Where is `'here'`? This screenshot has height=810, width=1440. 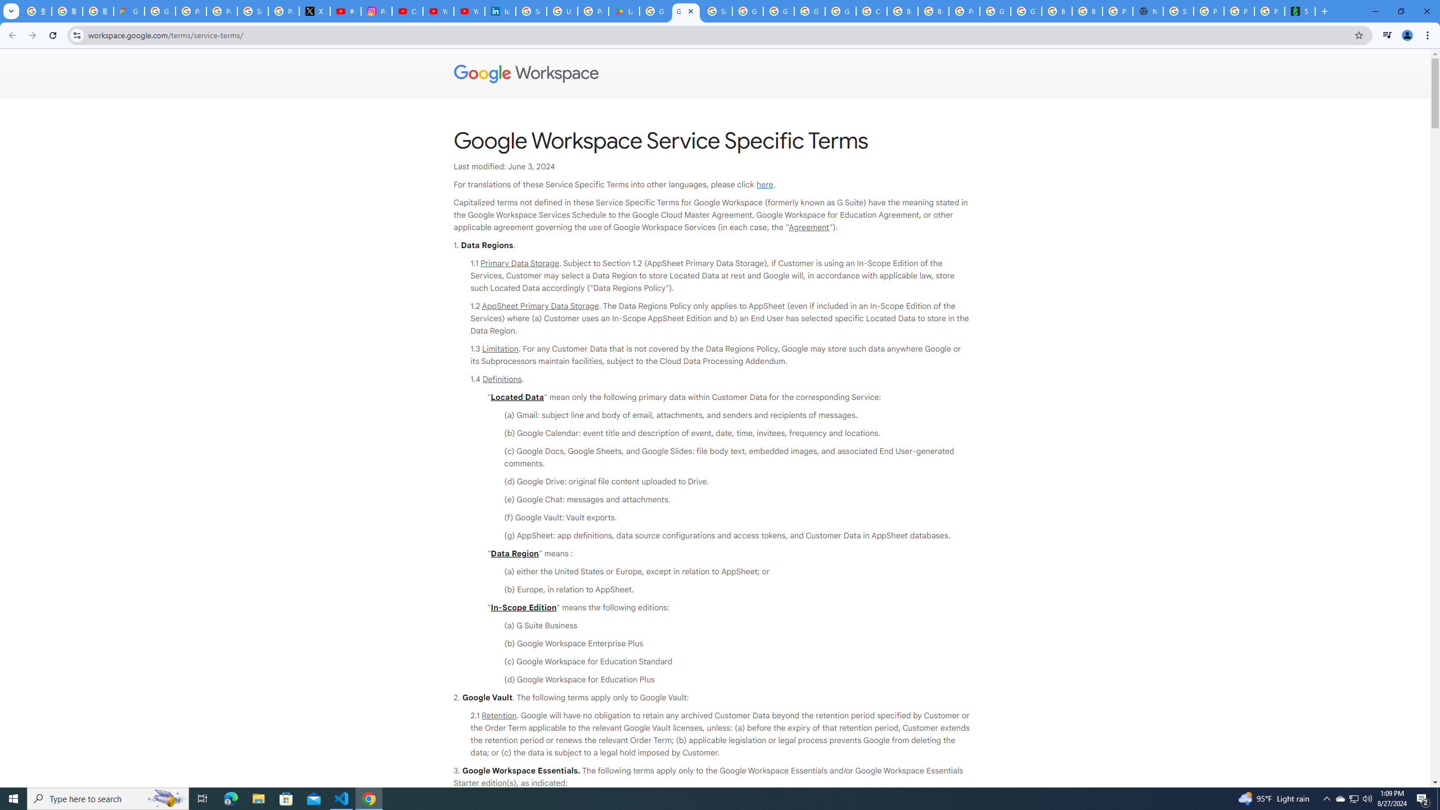 'here' is located at coordinates (764, 184).